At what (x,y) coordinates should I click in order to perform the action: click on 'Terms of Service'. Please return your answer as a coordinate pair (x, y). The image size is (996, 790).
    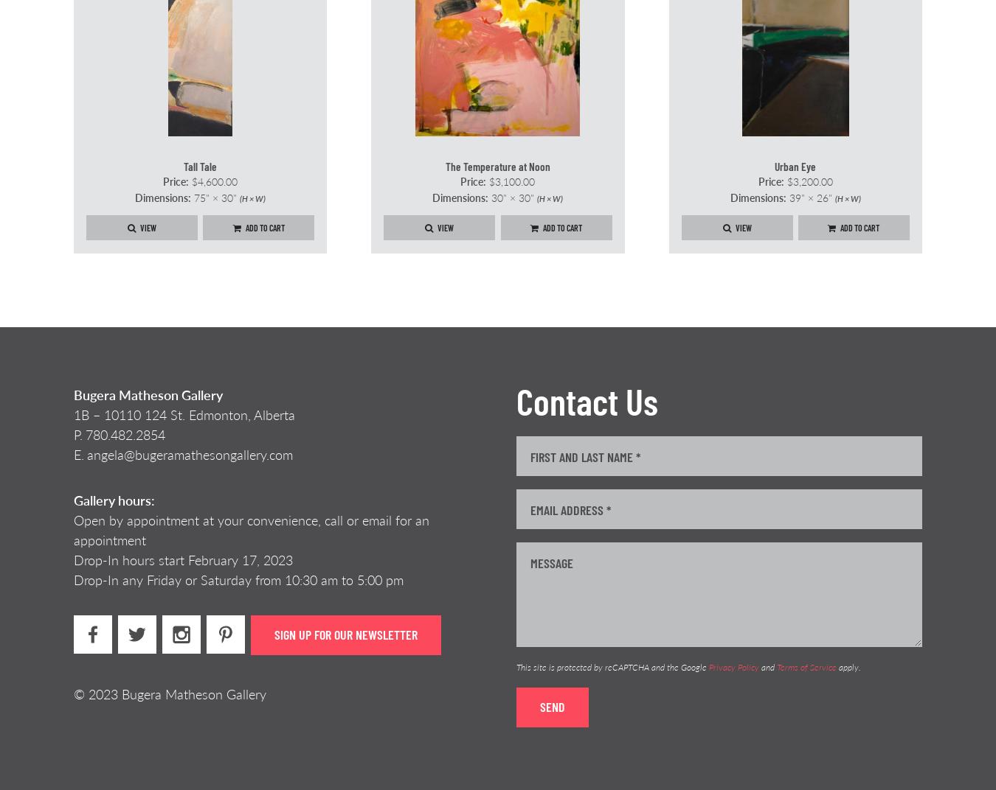
    Looking at the image, I should click on (777, 667).